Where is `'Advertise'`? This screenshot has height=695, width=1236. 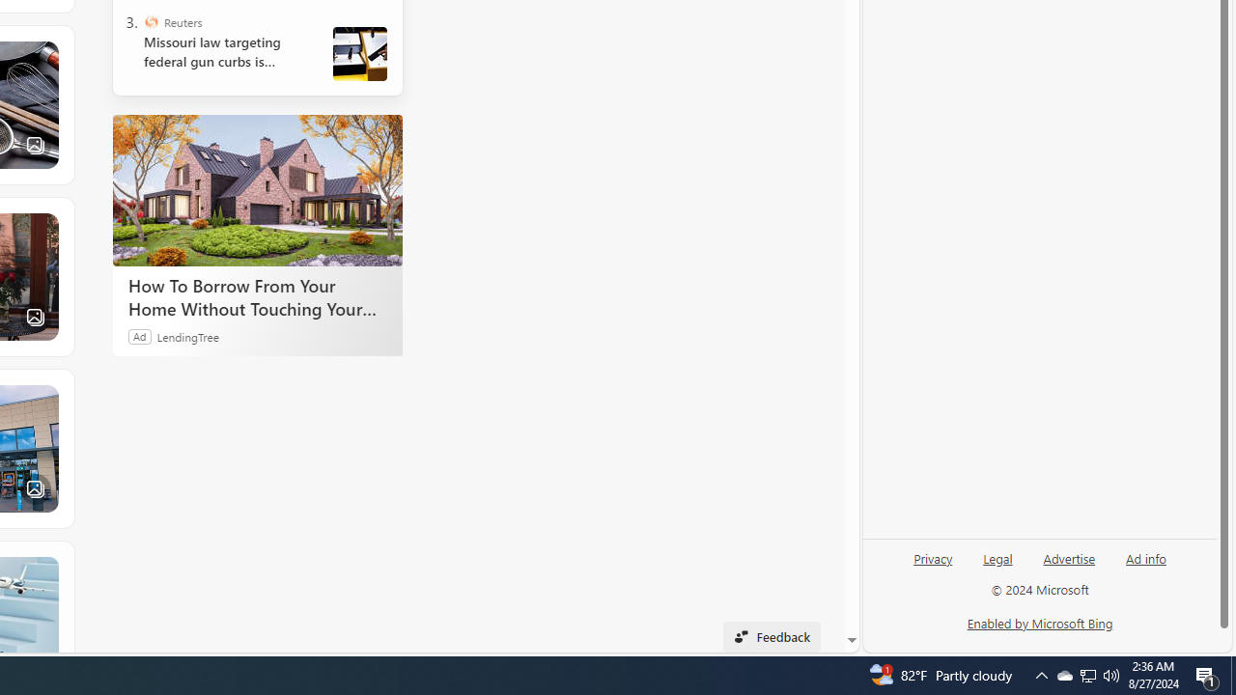 'Advertise' is located at coordinates (1068, 557).